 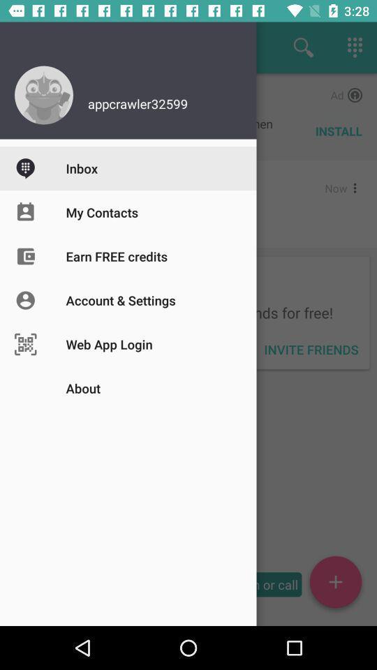 What do you see at coordinates (334, 584) in the screenshot?
I see `the add icon` at bounding box center [334, 584].